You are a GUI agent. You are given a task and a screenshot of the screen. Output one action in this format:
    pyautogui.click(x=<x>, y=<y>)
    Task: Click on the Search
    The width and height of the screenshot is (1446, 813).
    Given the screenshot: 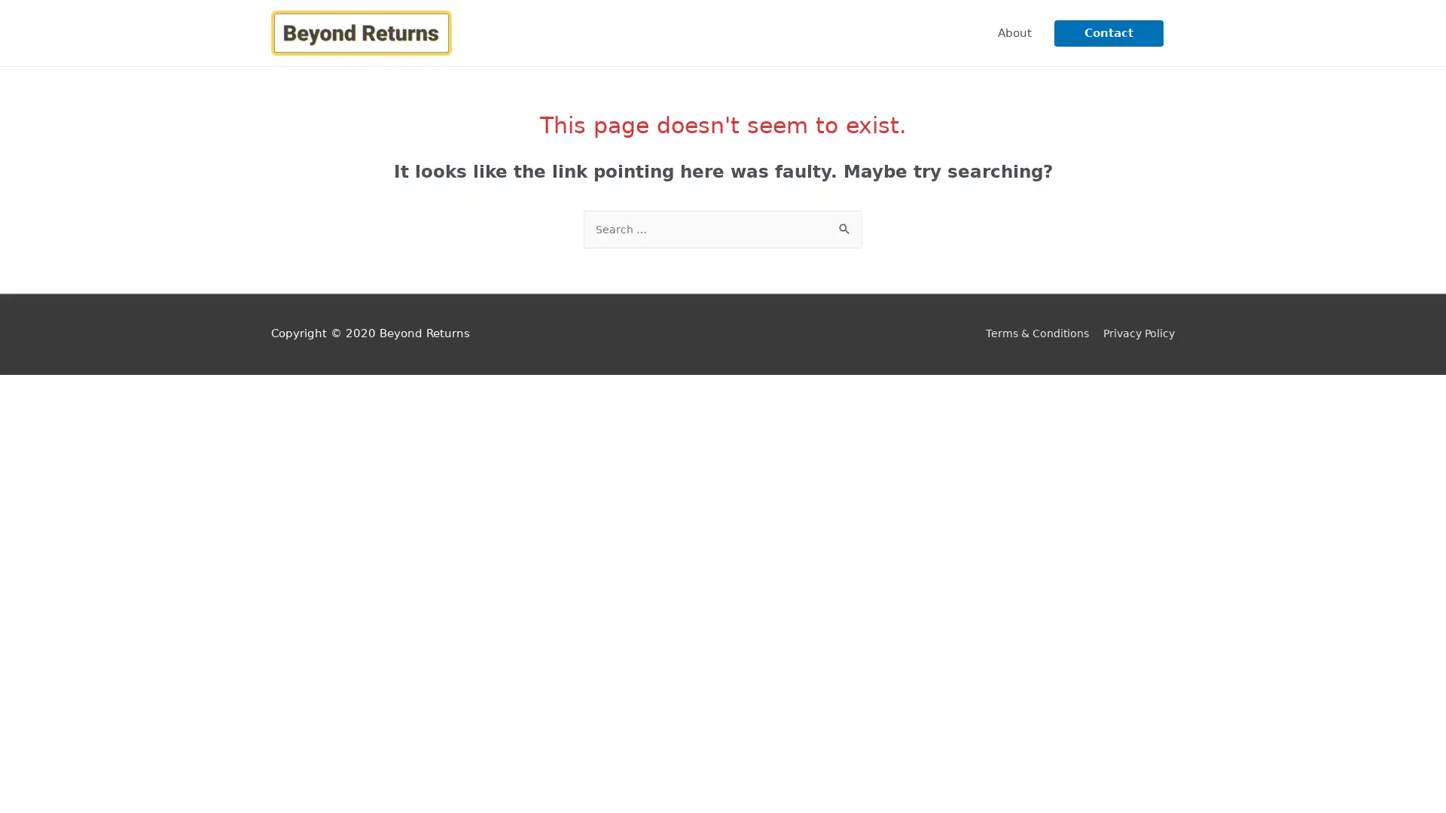 What is the action you would take?
    pyautogui.click(x=845, y=227)
    